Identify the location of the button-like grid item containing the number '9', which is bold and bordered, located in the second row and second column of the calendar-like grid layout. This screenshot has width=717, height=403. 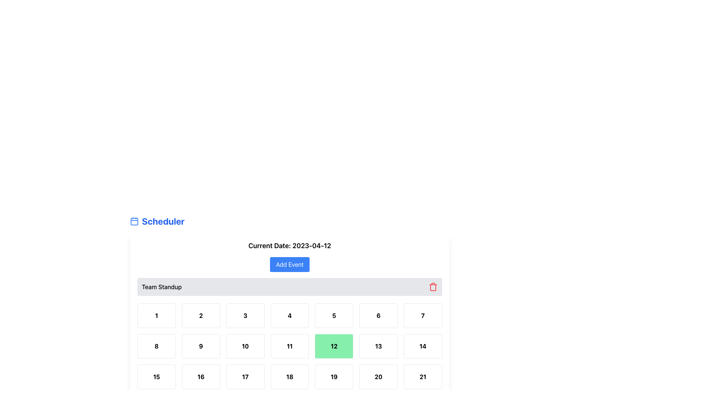
(201, 346).